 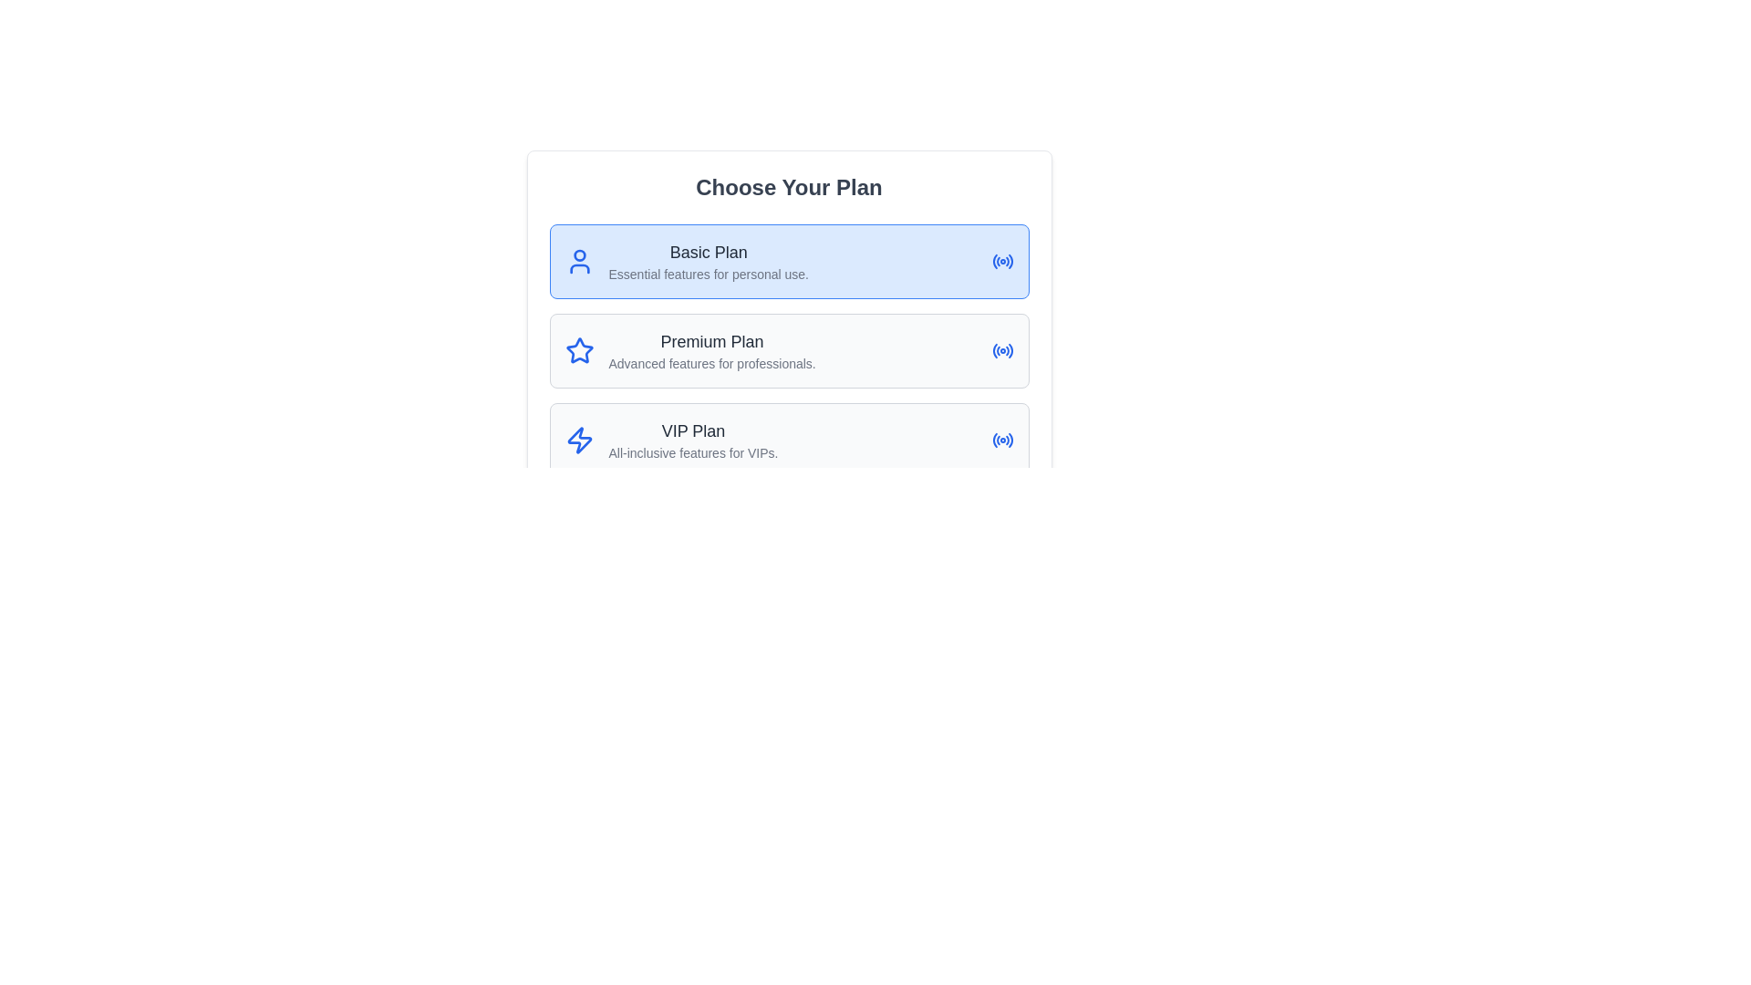 What do you see at coordinates (578, 255) in the screenshot?
I see `the Decorative SVG circle component that represents the head of a user profile, located within the blue-highlighted rectangle labeled 'Basic Plan'` at bounding box center [578, 255].